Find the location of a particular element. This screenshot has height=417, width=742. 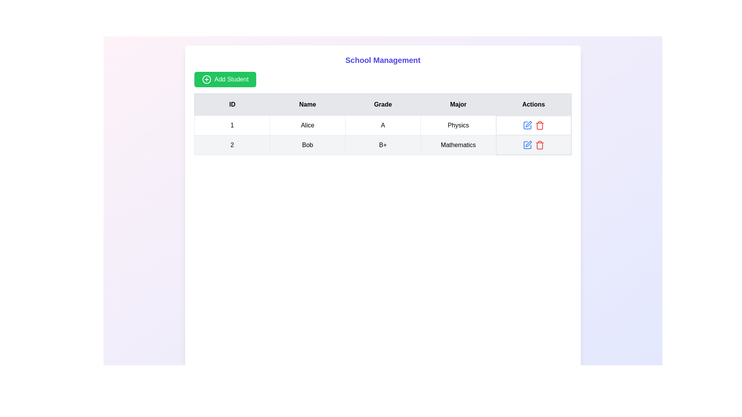

the table cell containing the text '2', which is located in the second row under the 'ID' column is located at coordinates (231, 144).